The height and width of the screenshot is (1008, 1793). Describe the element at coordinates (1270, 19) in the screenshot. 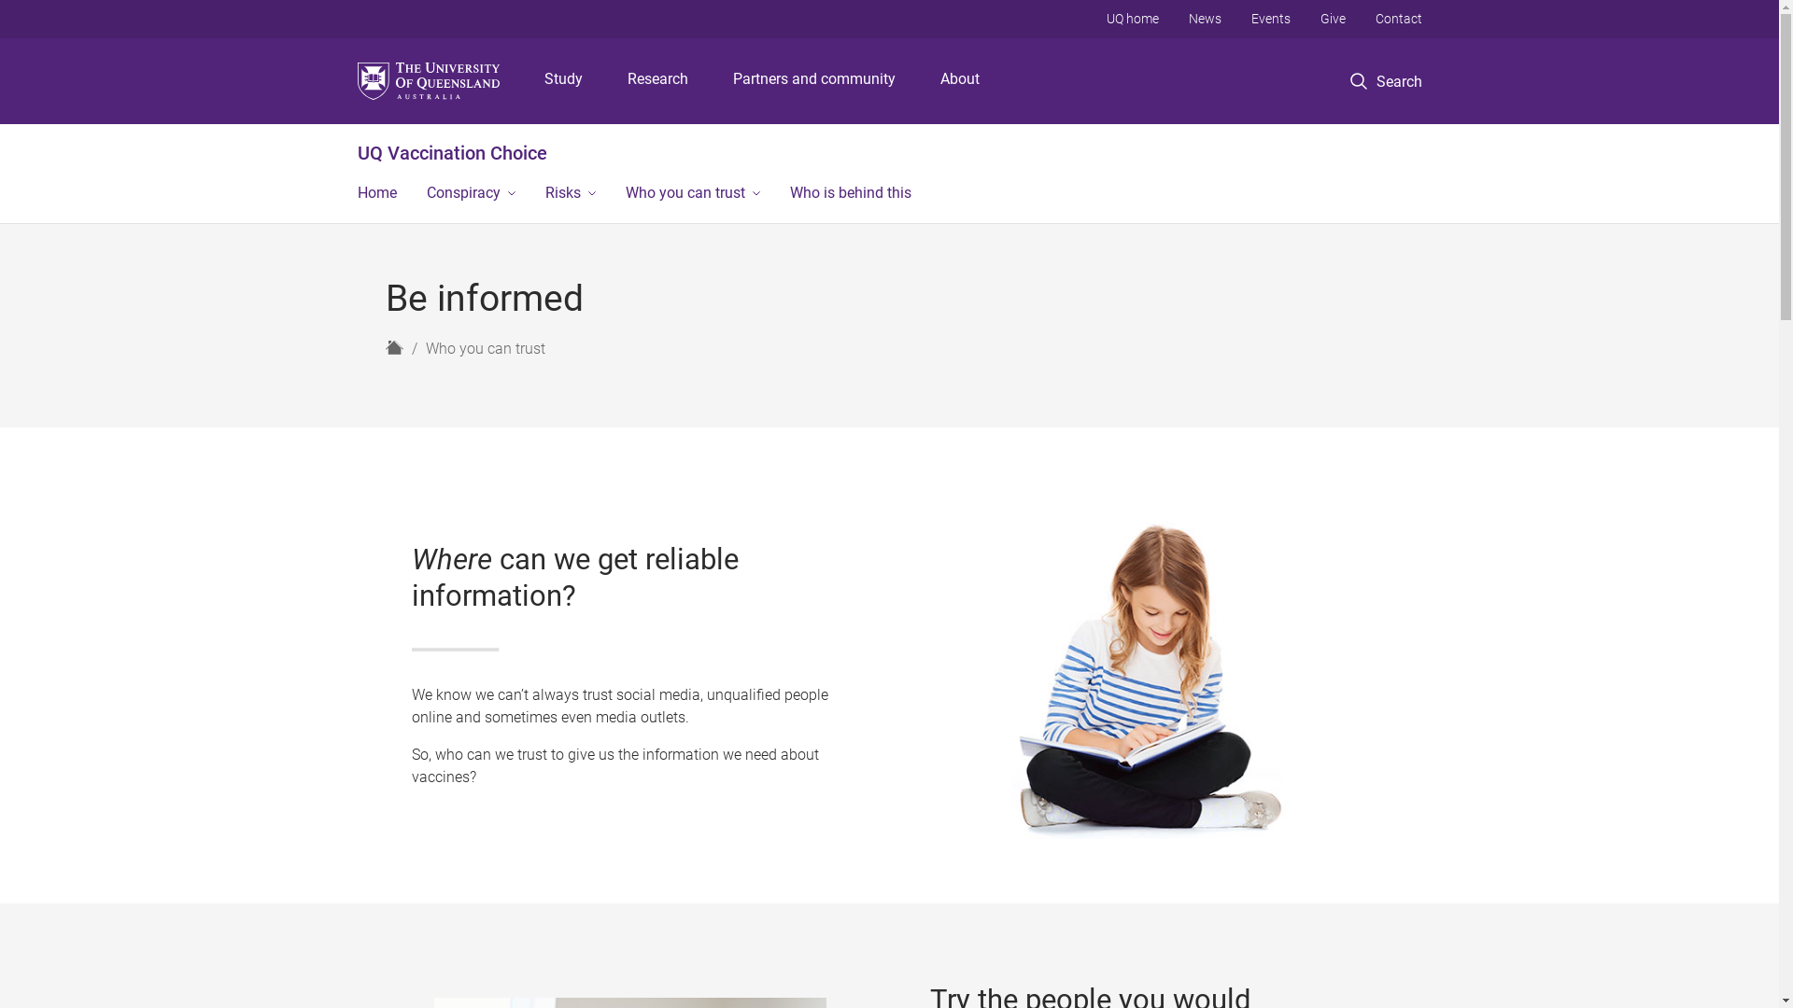

I see `'Events'` at that location.